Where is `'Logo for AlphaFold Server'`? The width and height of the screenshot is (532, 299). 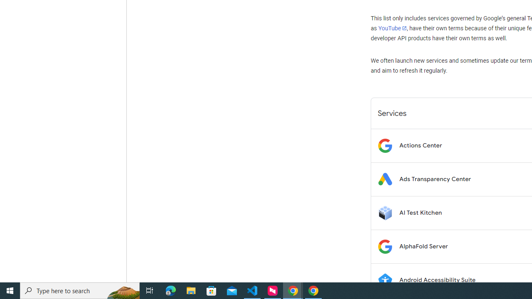
'Logo for AlphaFold Server' is located at coordinates (384, 246).